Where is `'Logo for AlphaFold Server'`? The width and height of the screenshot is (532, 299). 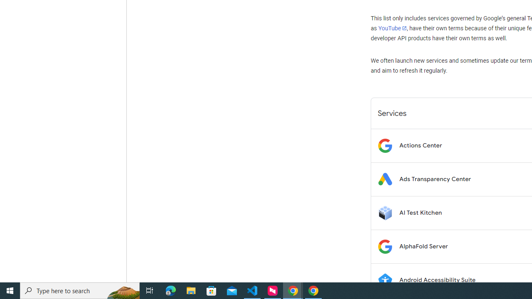
'Logo for AlphaFold Server' is located at coordinates (384, 246).